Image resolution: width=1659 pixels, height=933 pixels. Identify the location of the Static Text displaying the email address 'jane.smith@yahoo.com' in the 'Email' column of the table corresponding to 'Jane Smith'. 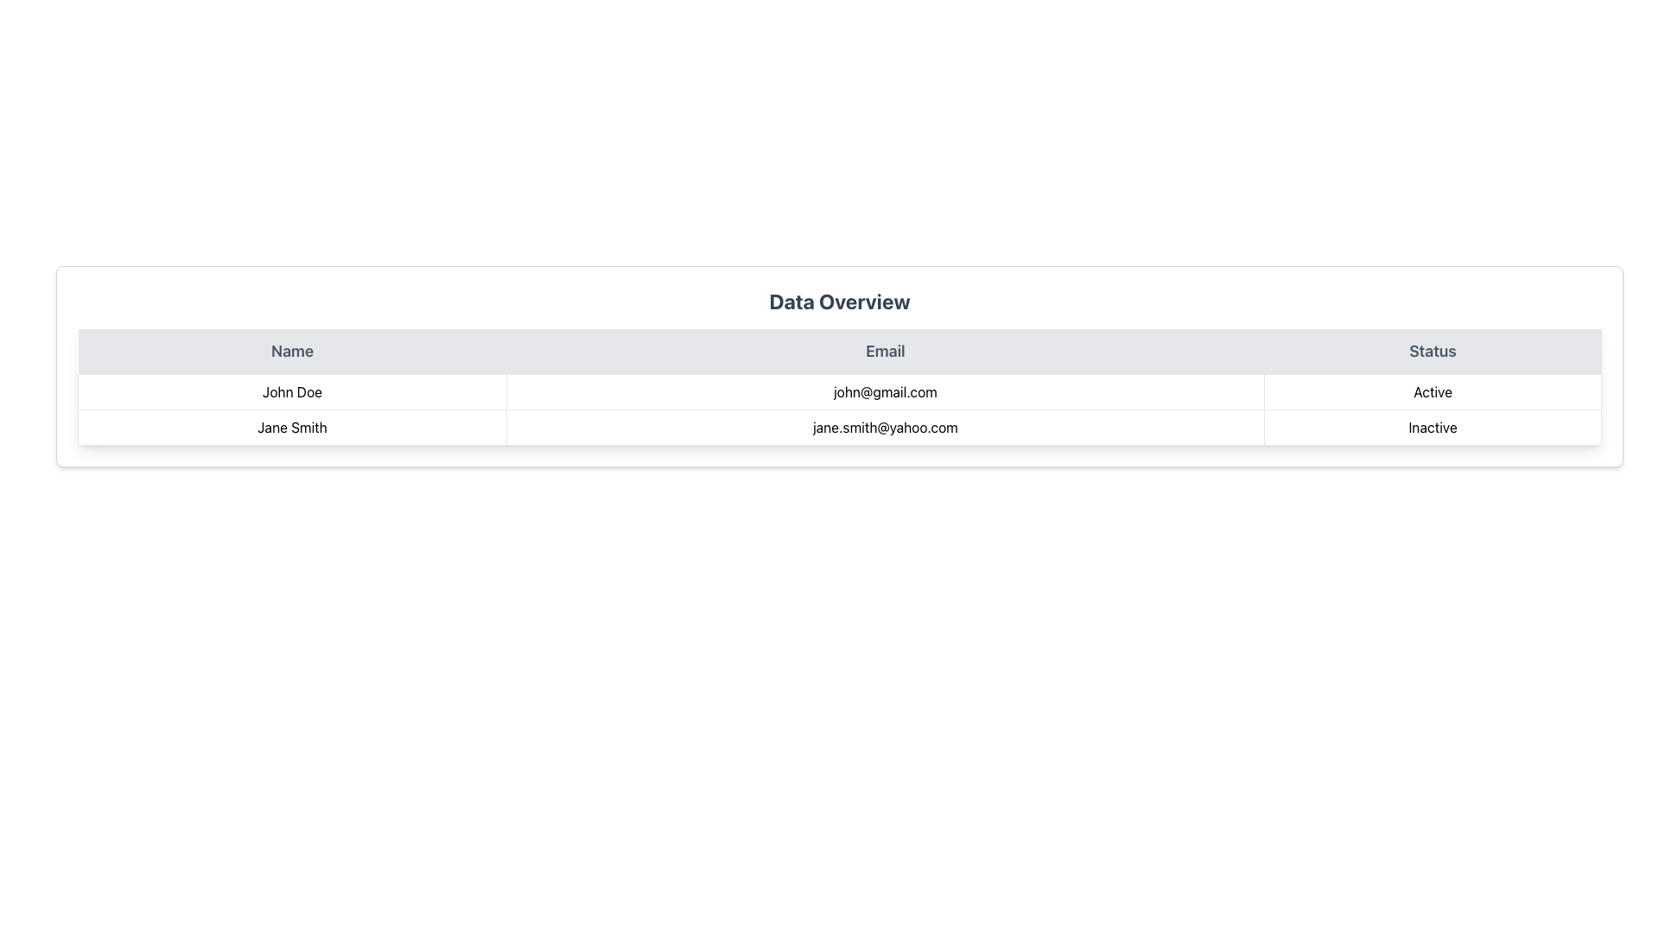
(885, 427).